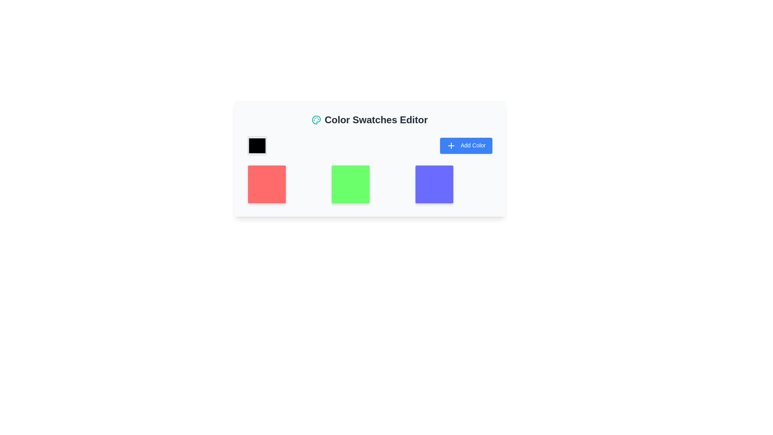 This screenshot has width=773, height=435. I want to click on the green color swatch UI element with rounded corners and shadow effect, which is the second color block from left to right in the Color Swatches Editor, so click(350, 184).